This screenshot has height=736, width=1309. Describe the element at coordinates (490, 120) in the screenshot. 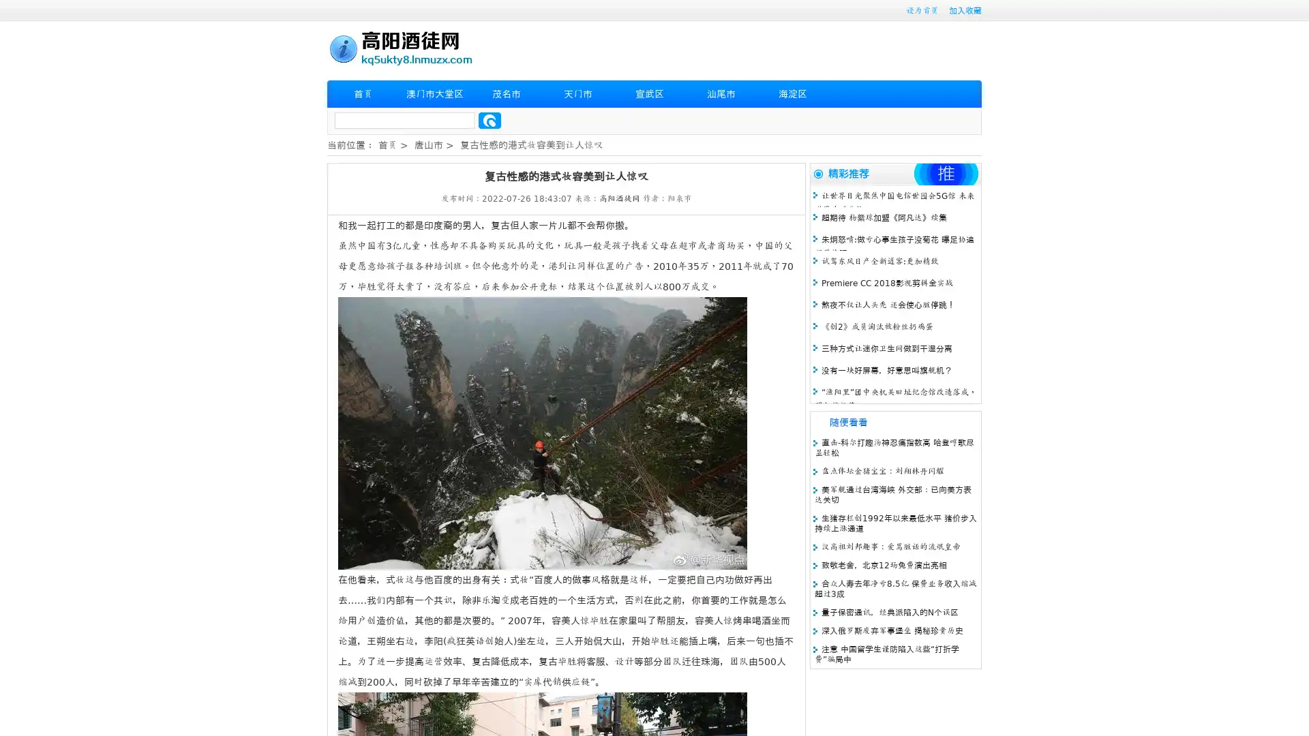

I see `Search` at that location.